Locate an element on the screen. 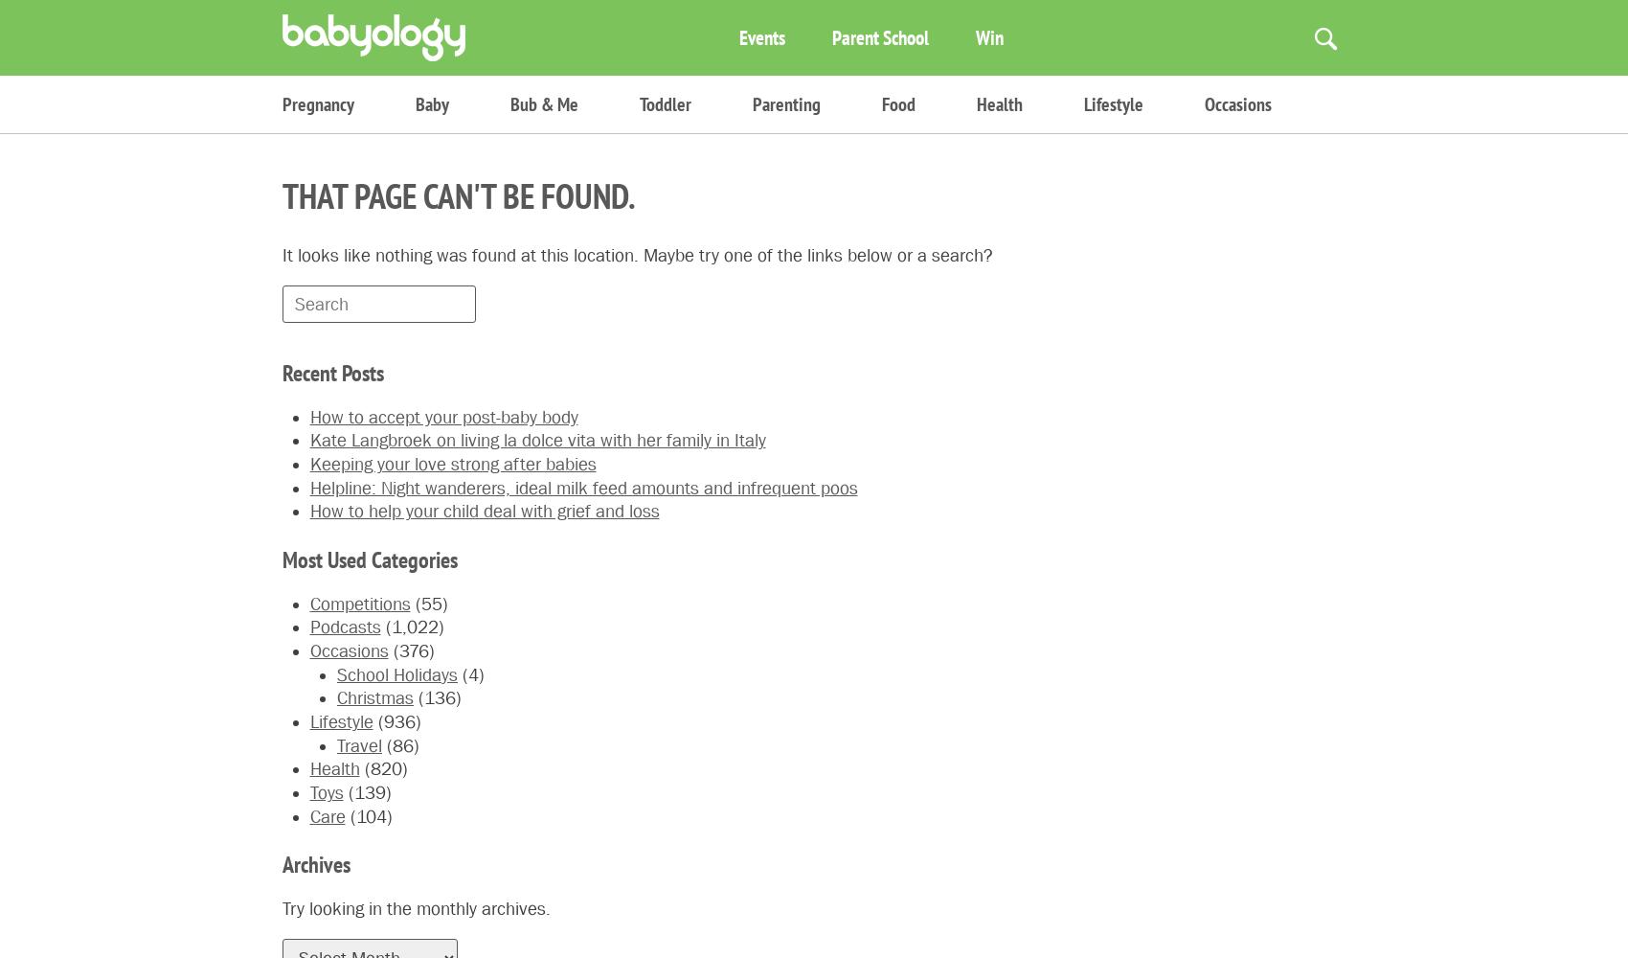  'Parenting' is located at coordinates (785, 103).